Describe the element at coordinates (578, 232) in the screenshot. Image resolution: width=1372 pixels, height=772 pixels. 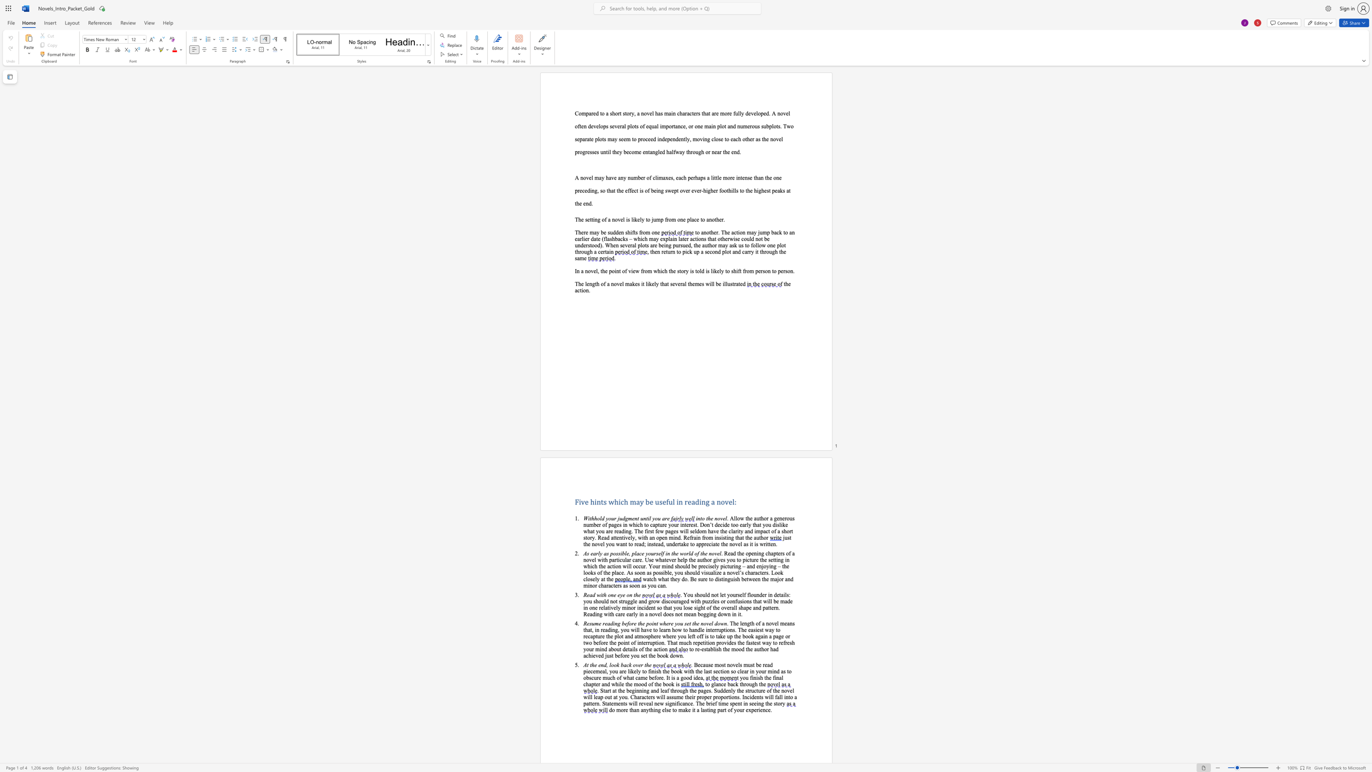
I see `the subset text "here may be sudden s" within the text "There may be sudden shifts from one"` at that location.